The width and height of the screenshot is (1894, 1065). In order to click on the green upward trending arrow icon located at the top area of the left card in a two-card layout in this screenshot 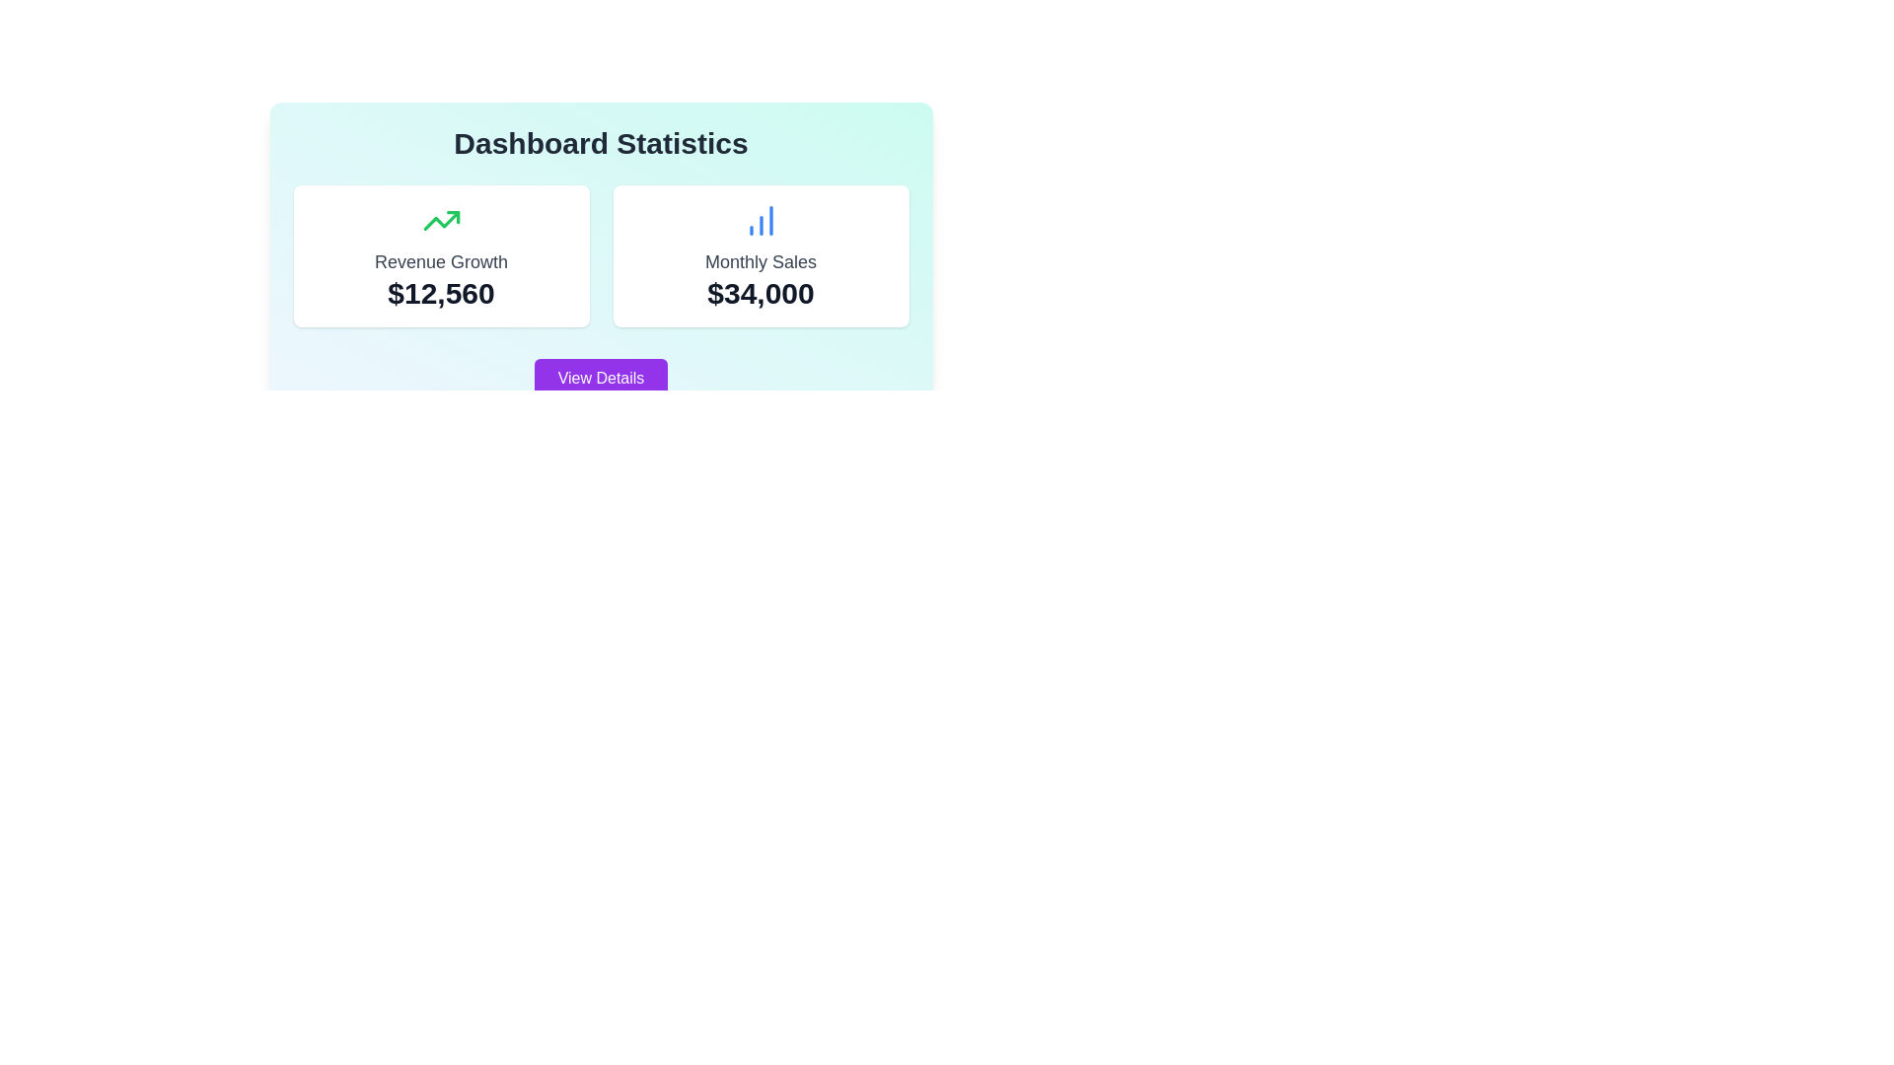, I will do `click(440, 220)`.